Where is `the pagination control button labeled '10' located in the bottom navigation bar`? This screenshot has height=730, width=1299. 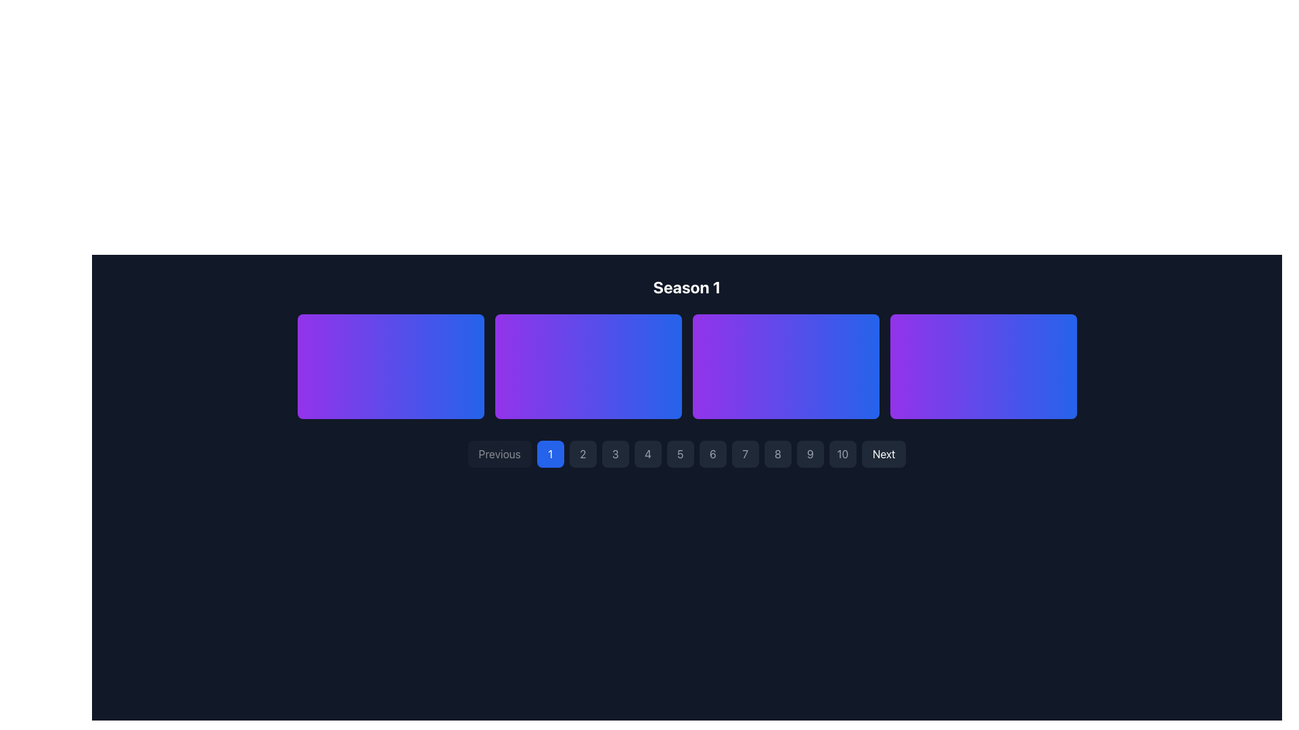
the pagination control button labeled '10' located in the bottom navigation bar is located at coordinates (842, 454).